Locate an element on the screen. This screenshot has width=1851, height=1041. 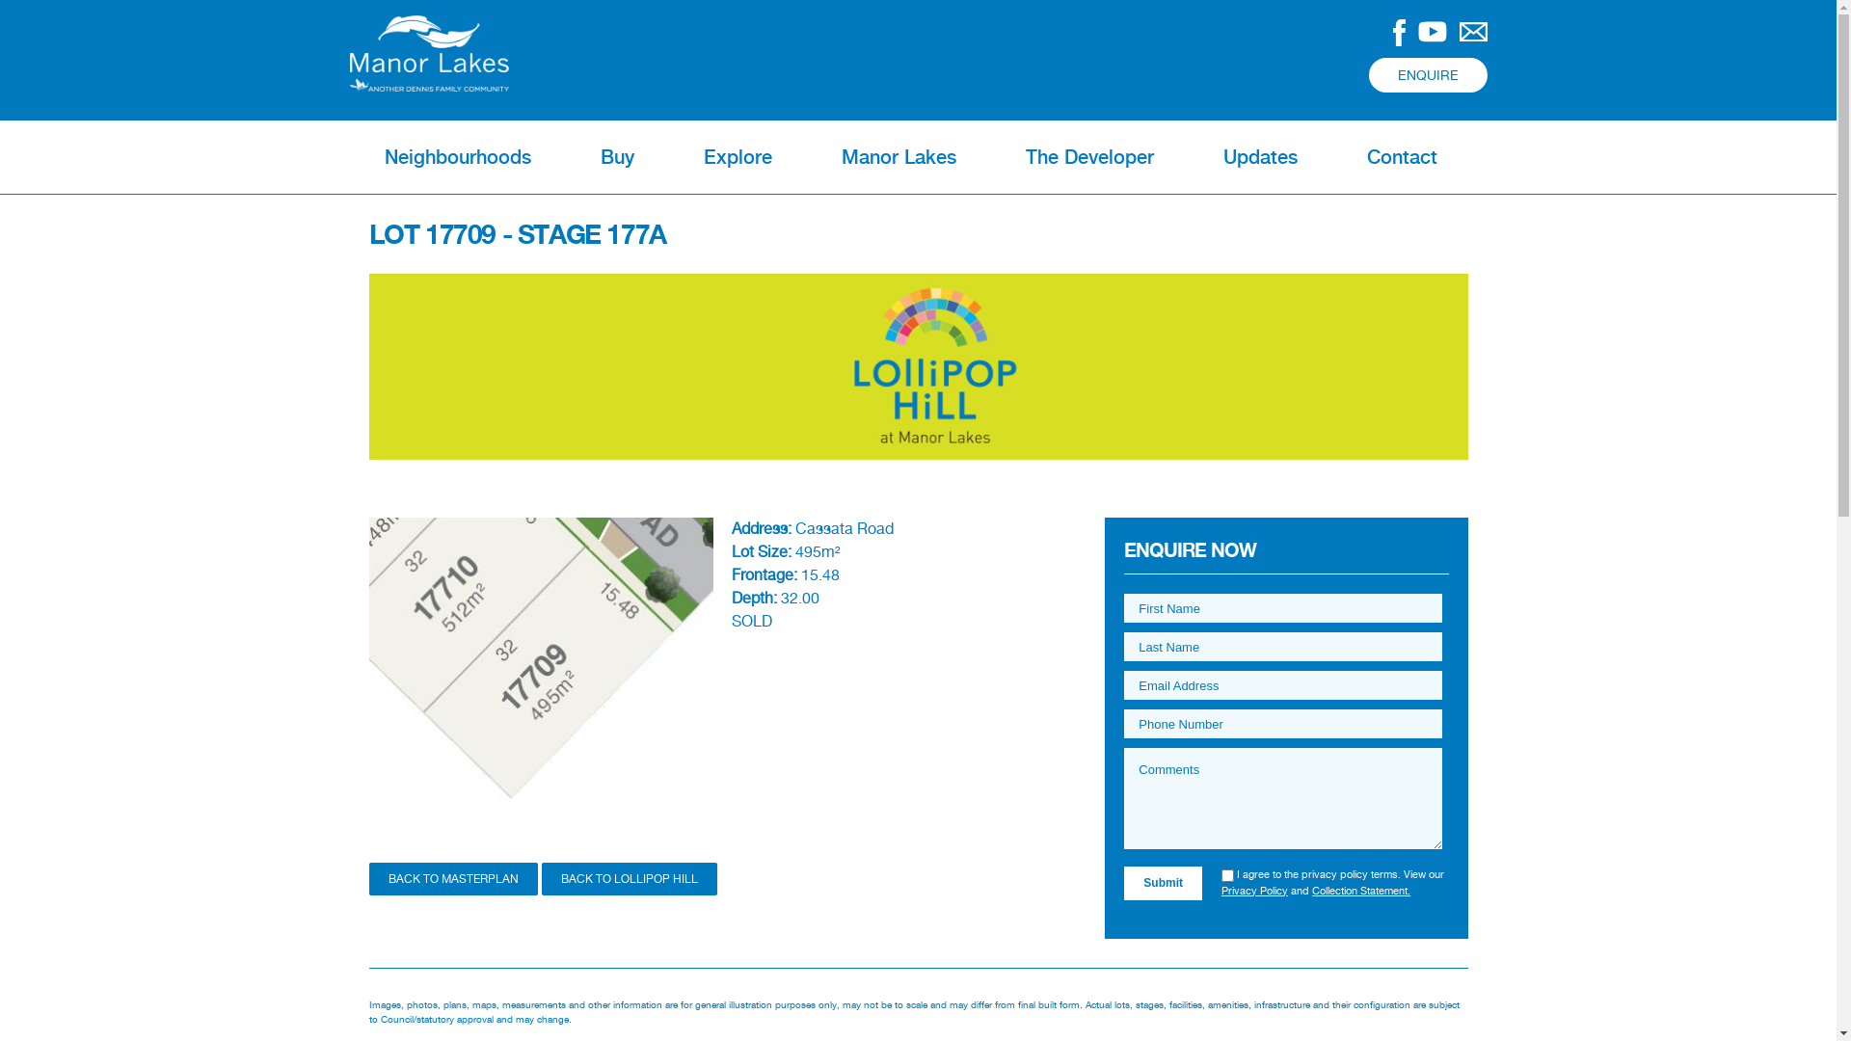
'Manor Lakes' is located at coordinates (897, 155).